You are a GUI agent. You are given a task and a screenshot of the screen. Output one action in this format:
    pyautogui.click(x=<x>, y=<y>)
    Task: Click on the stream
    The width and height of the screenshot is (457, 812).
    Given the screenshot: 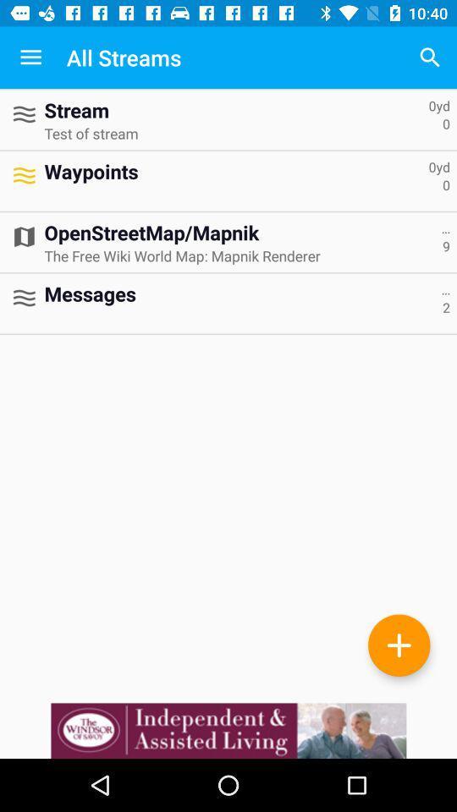 What is the action you would take?
    pyautogui.click(x=399, y=645)
    